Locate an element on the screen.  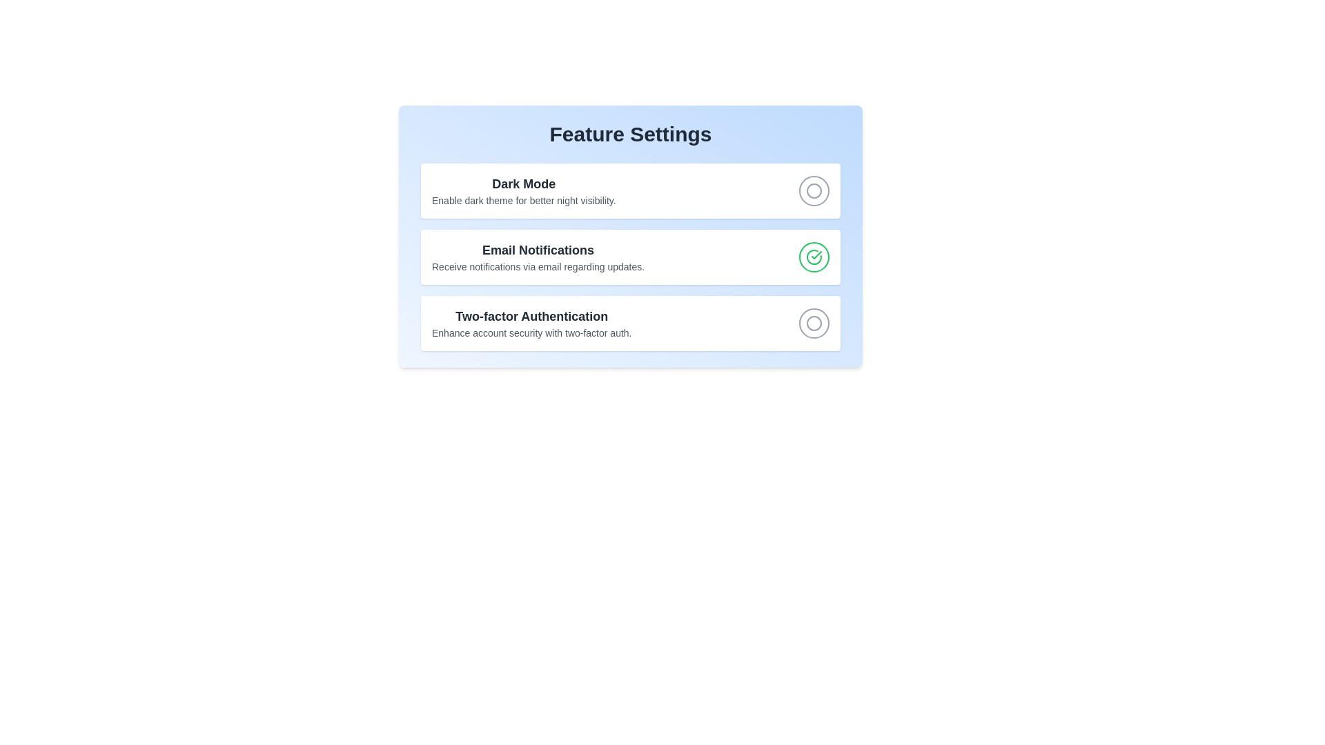
the 'Dark Mode' informational text component, which is the first item in the 'Feature Settings' section is located at coordinates (523, 191).